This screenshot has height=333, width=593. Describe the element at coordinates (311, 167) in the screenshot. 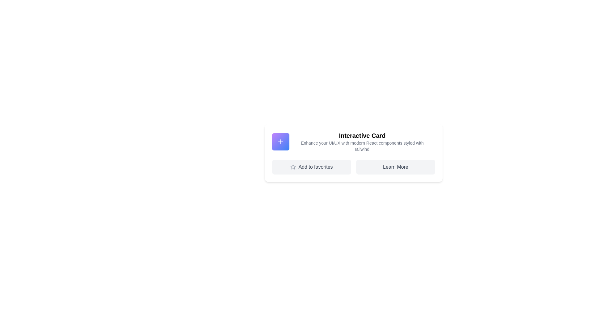

I see `the leftmost button in the two-column grid layout` at that location.